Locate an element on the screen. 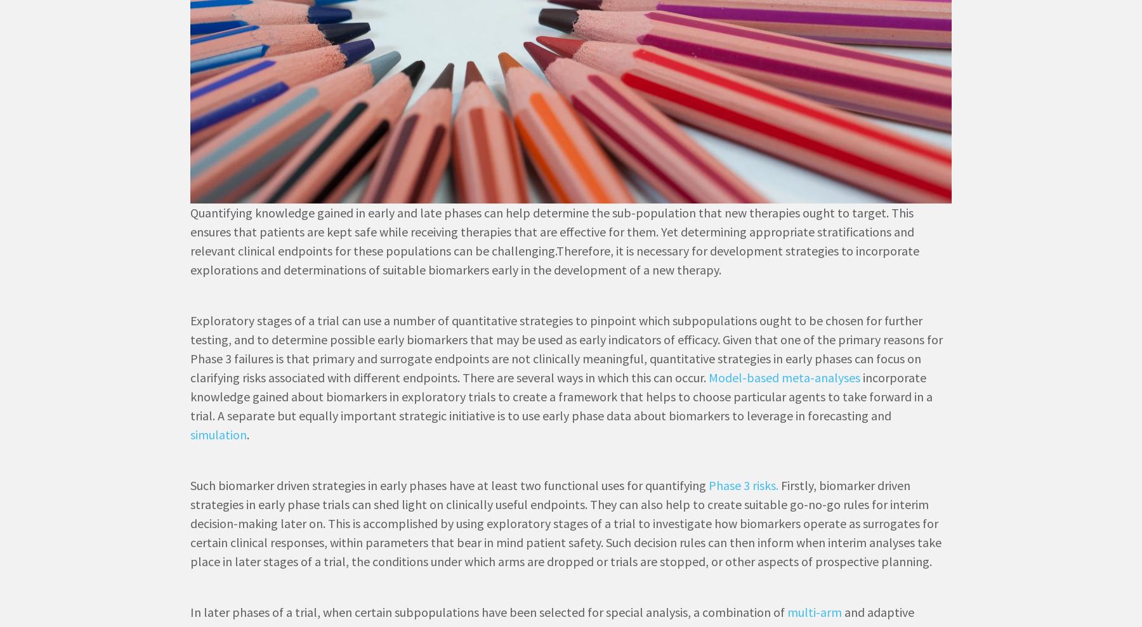 The width and height of the screenshot is (1142, 627). 'multi-arm' is located at coordinates (787, 612).